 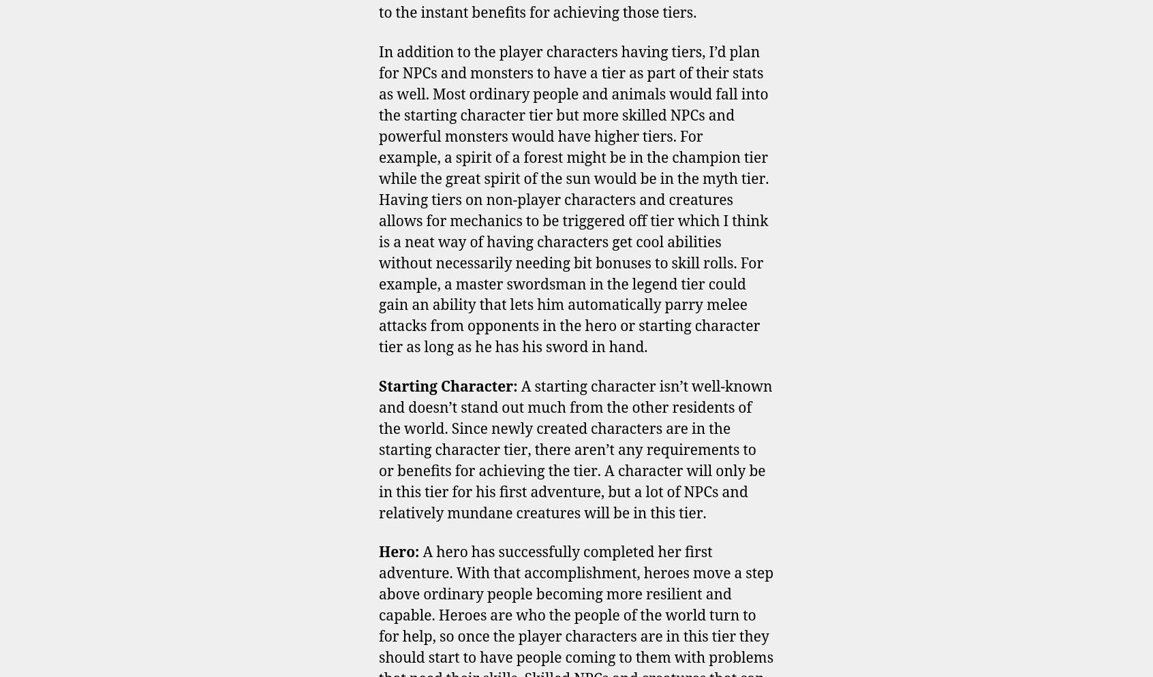 I want to click on 'Leave a Reply', so click(x=574, y=514).